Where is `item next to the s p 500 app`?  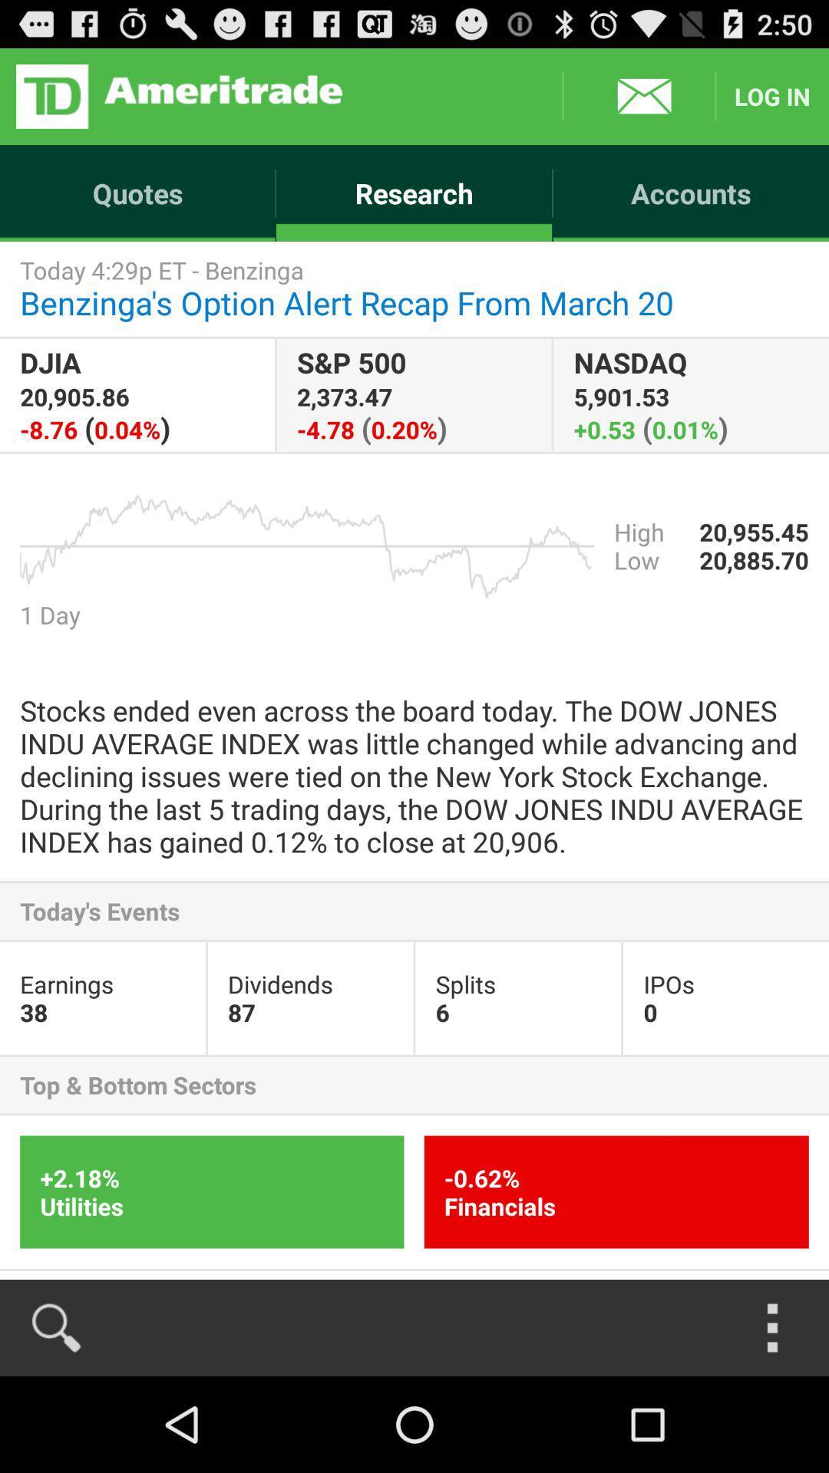
item next to the s p 500 app is located at coordinates (136, 395).